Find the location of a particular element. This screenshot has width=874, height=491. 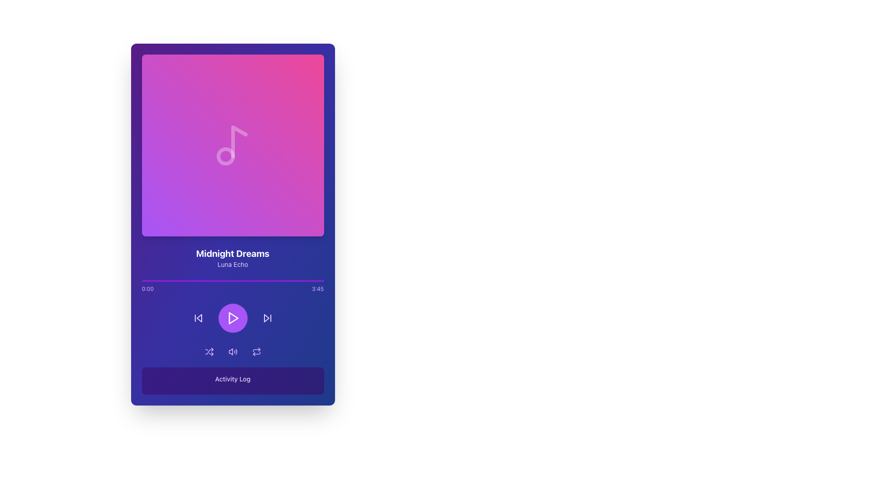

the small purple button with a backward skip icon located to the left of the large circular play button to change its color to white is located at coordinates (198, 317).